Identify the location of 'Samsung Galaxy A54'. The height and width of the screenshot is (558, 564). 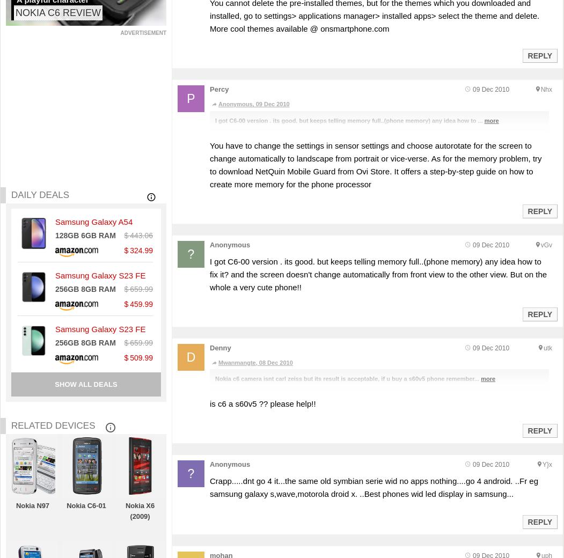
(93, 221).